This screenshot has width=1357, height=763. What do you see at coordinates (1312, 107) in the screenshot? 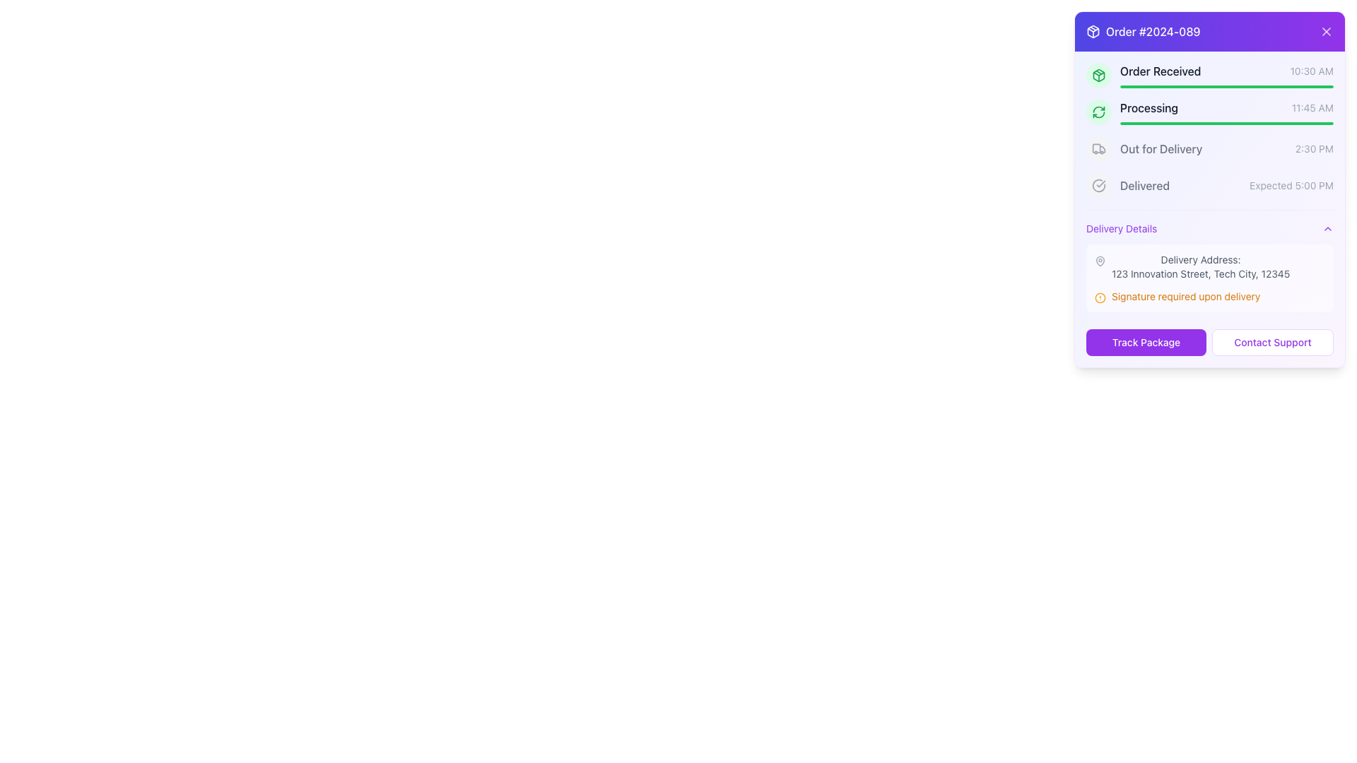
I see `the timestamp text label indicating the 'Processing' status in the delivery timeline, located to the right of the 'Processing' text in the second entry of the timeline` at bounding box center [1312, 107].